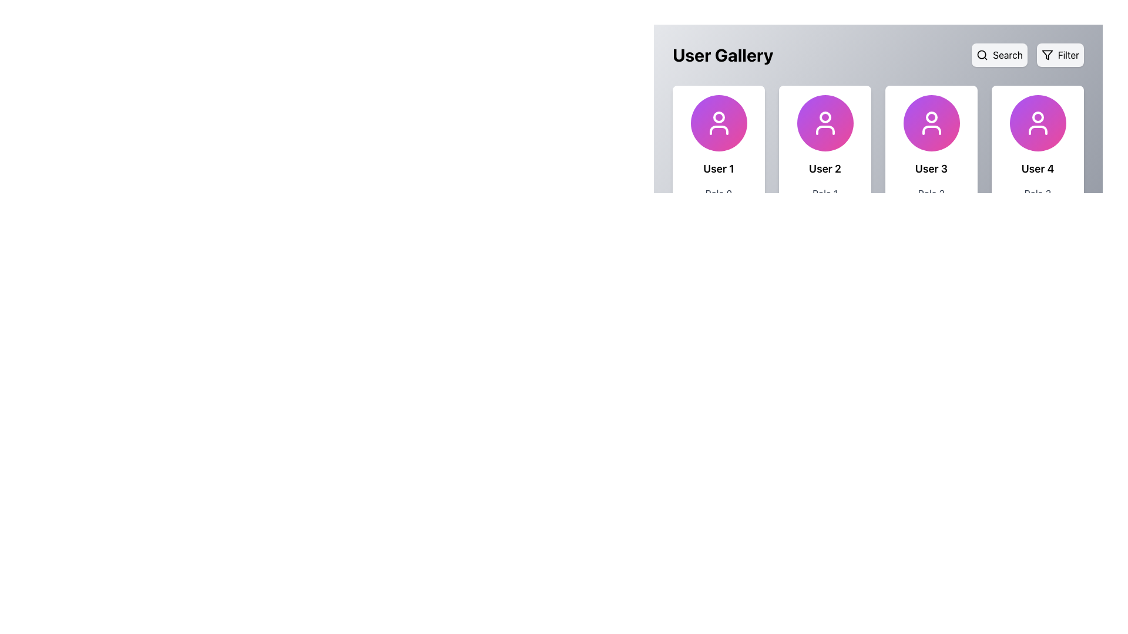 The image size is (1128, 634). Describe the element at coordinates (824, 130) in the screenshot. I see `the base or shoulders of the user profile icon for 'User 2' located within the purple circular area of the card tile` at that location.